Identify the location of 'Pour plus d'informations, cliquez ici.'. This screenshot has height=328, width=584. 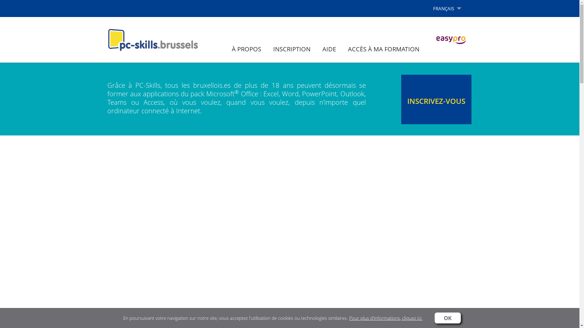
(349, 317).